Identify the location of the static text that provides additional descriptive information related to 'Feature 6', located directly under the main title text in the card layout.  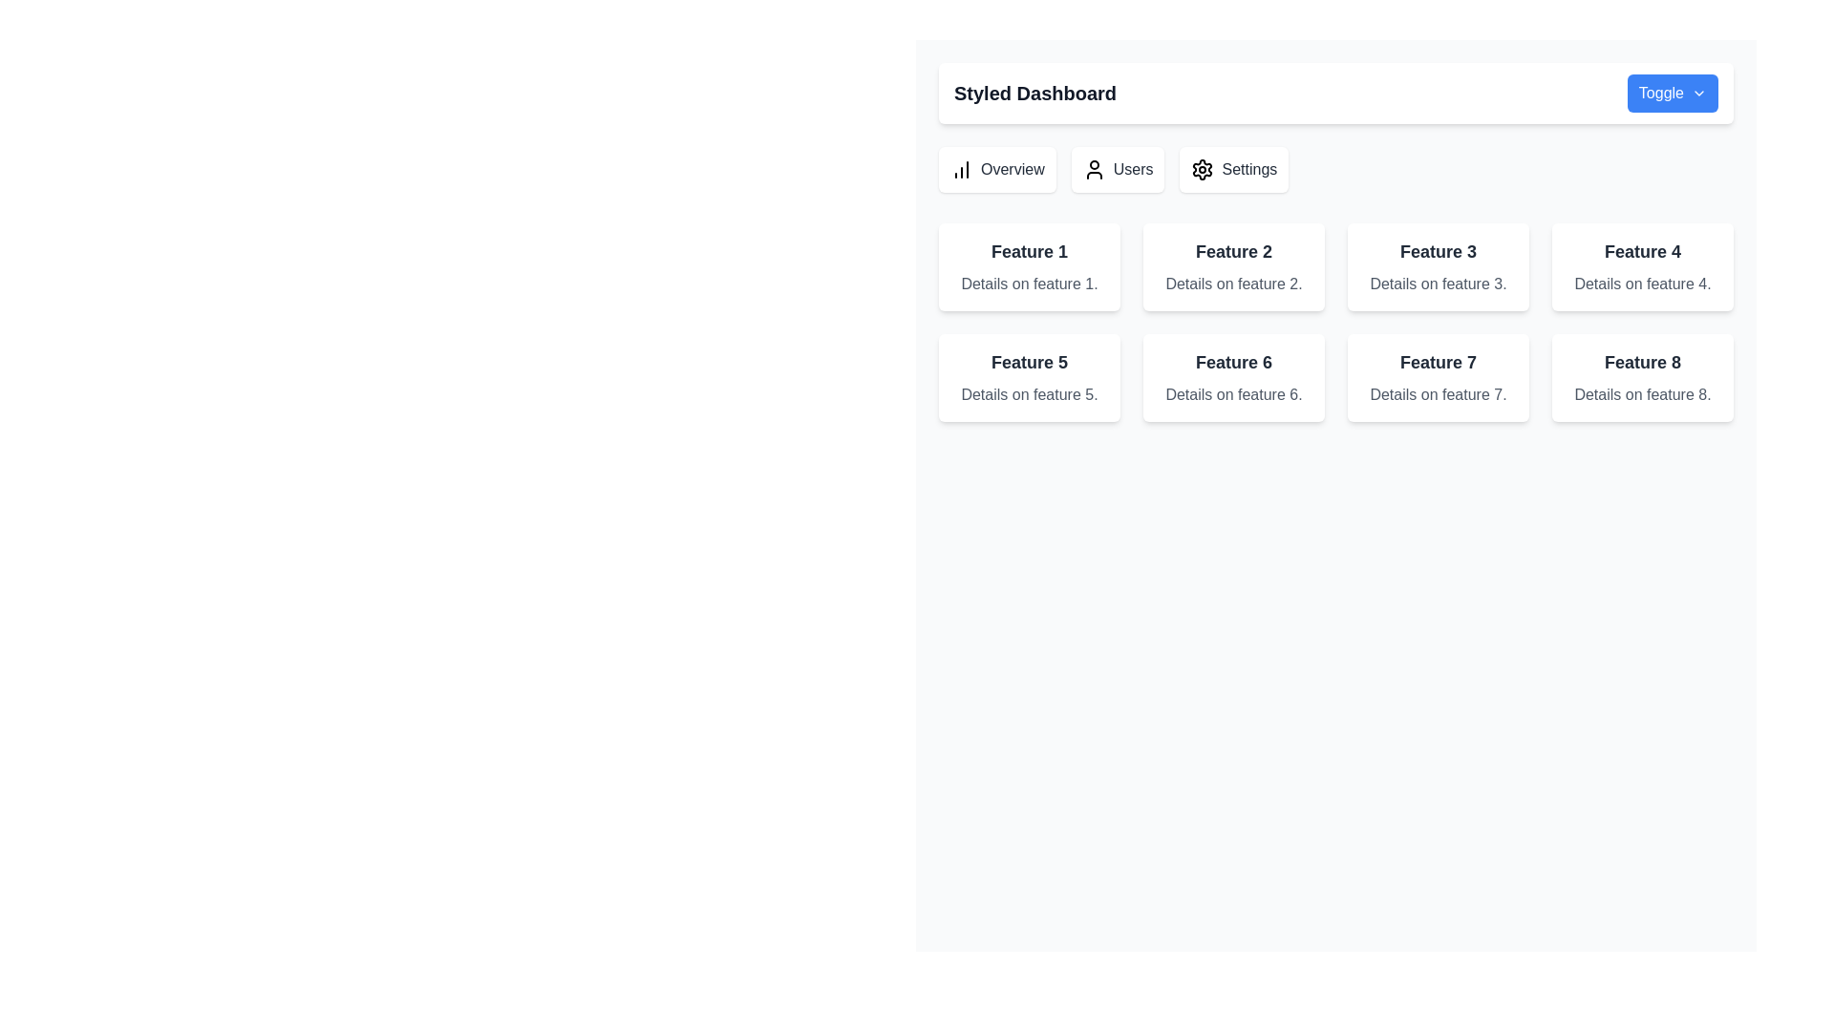
(1233, 393).